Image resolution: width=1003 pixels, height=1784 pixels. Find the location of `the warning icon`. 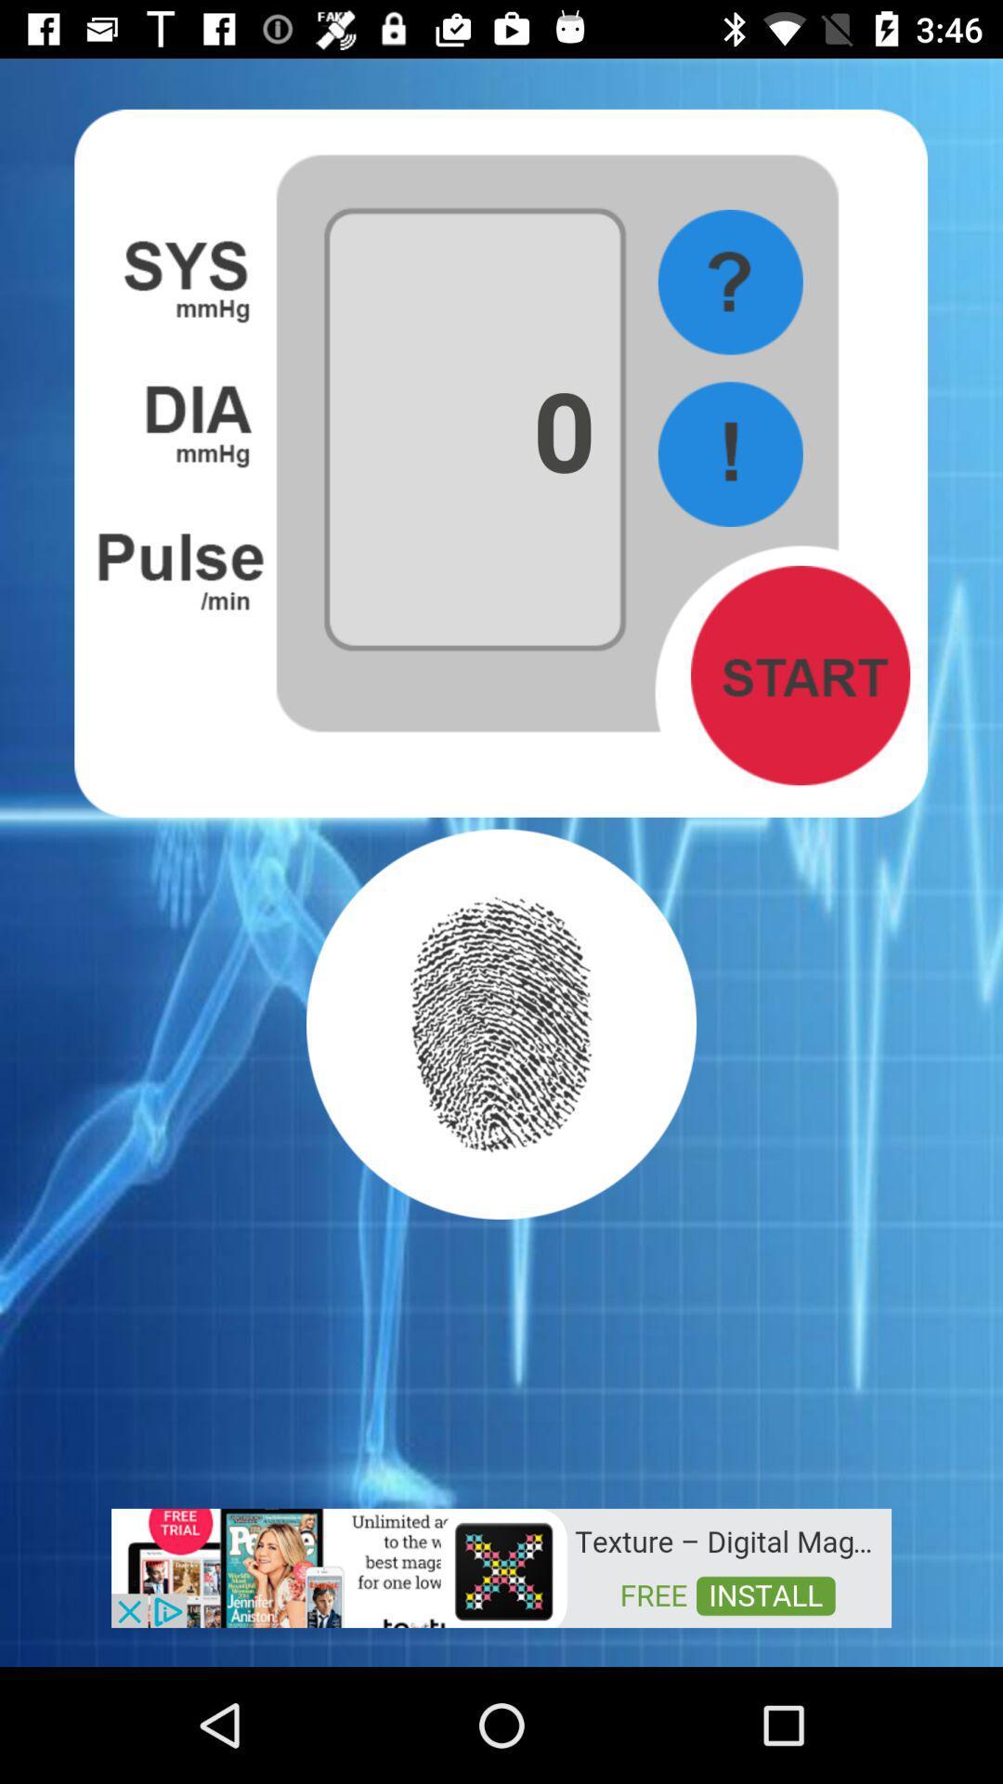

the warning icon is located at coordinates (729, 453).